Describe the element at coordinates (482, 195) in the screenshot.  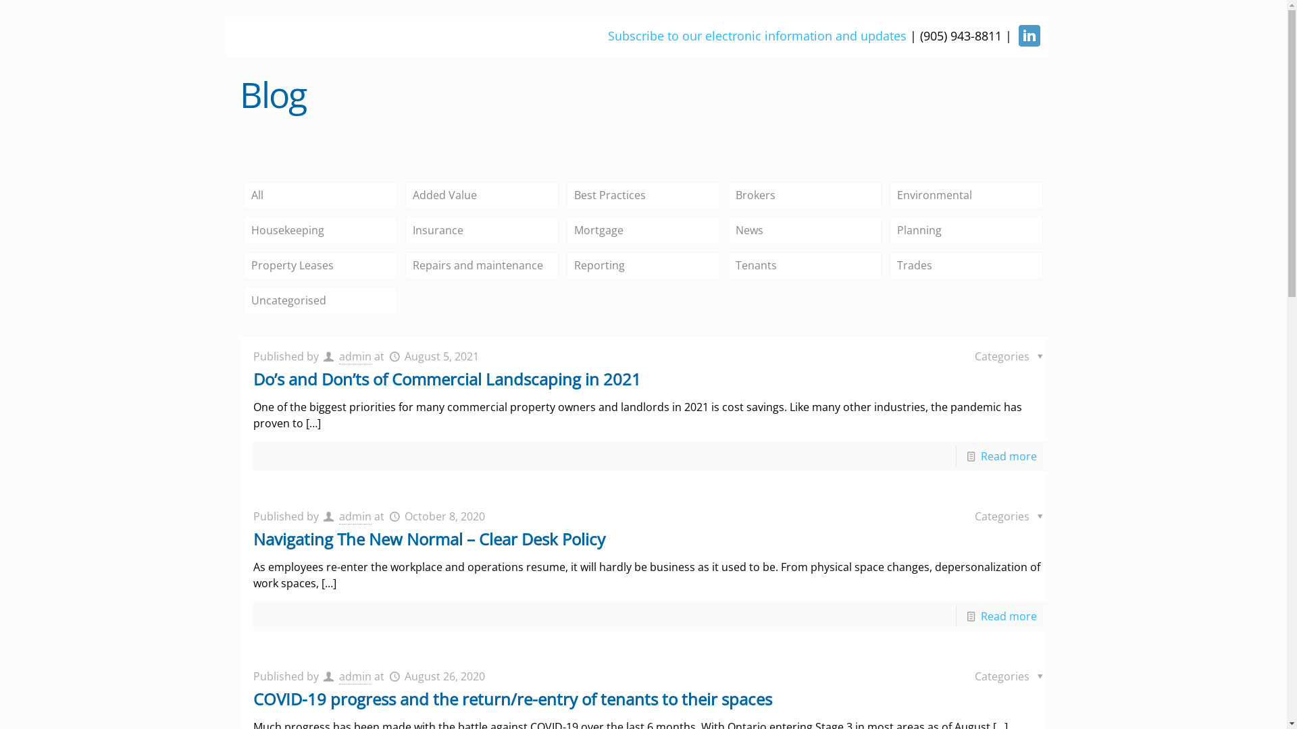
I see `'Added Value'` at that location.